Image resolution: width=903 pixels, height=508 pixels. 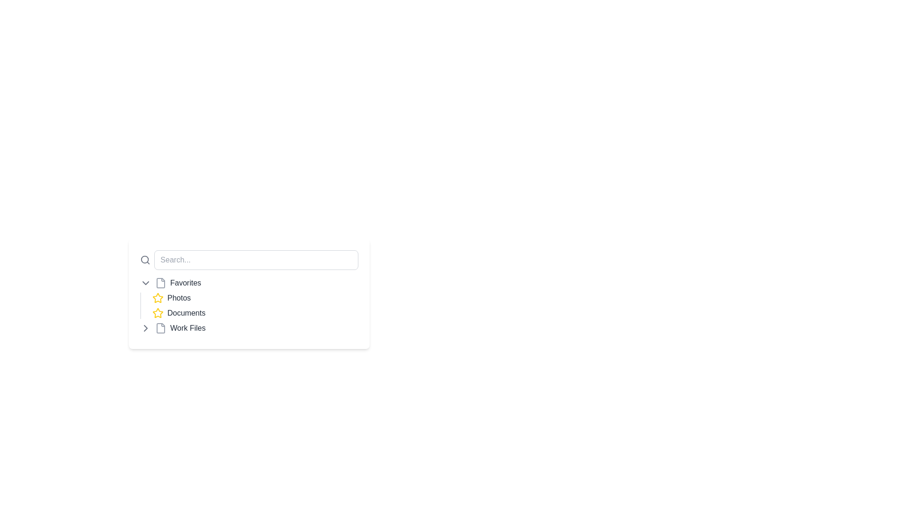 What do you see at coordinates (160, 328) in the screenshot?
I see `the file icon` at bounding box center [160, 328].